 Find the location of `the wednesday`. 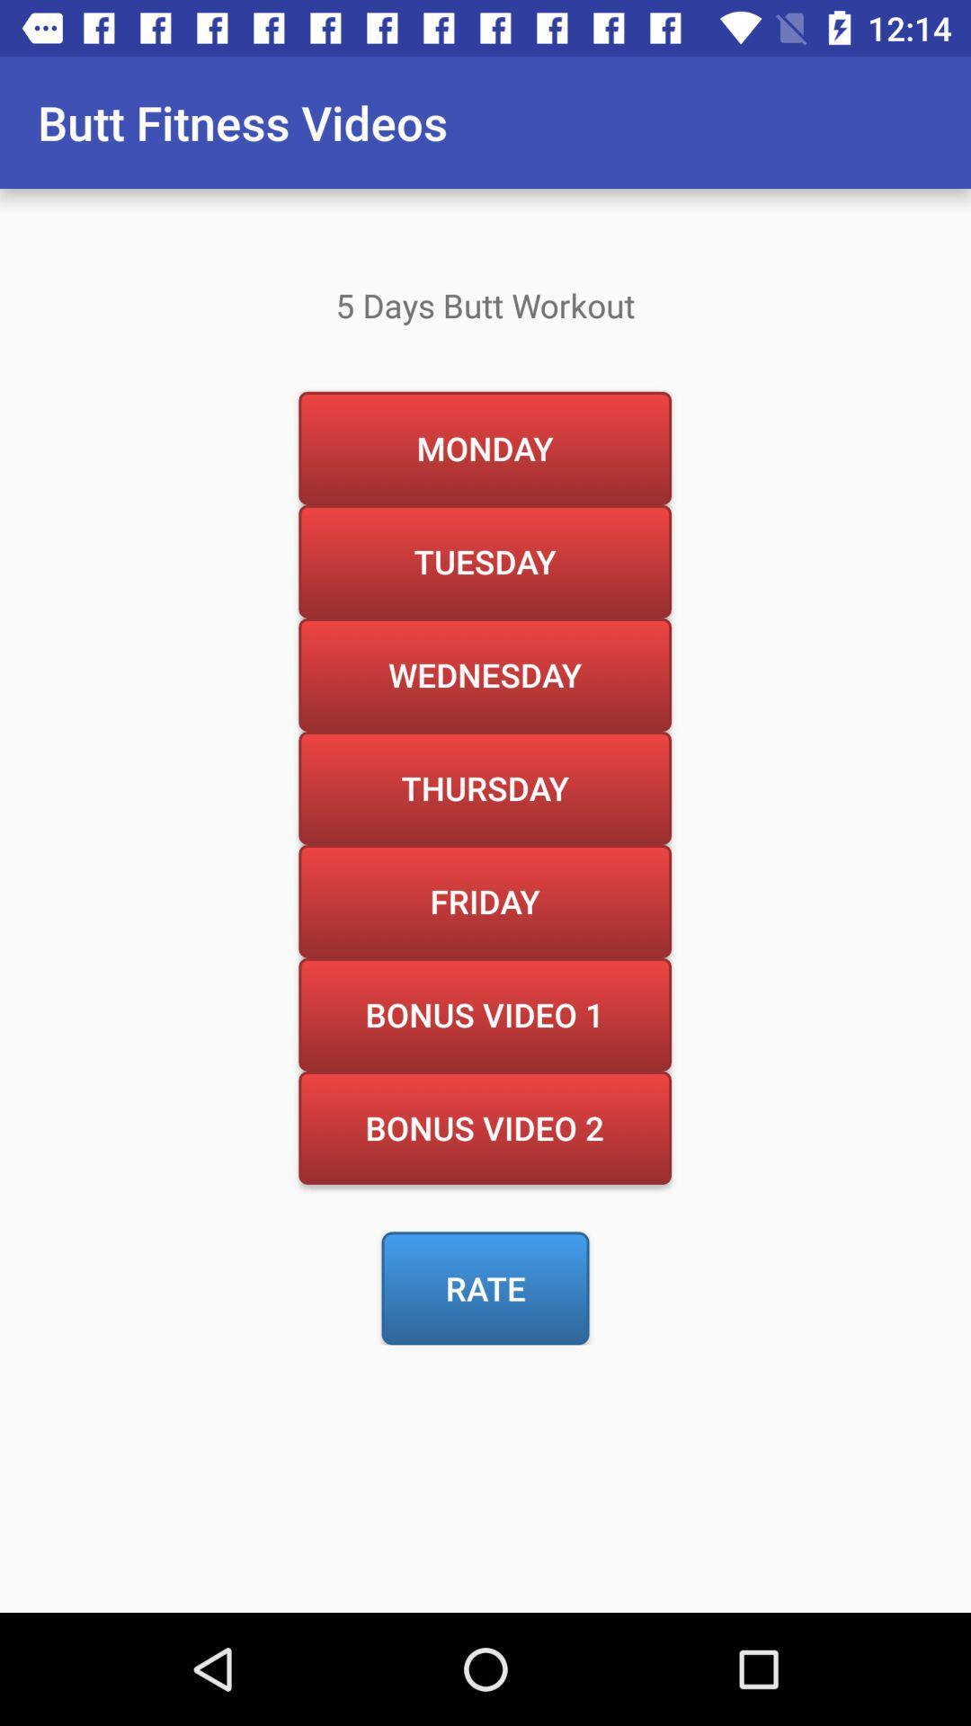

the wednesday is located at coordinates (484, 673).